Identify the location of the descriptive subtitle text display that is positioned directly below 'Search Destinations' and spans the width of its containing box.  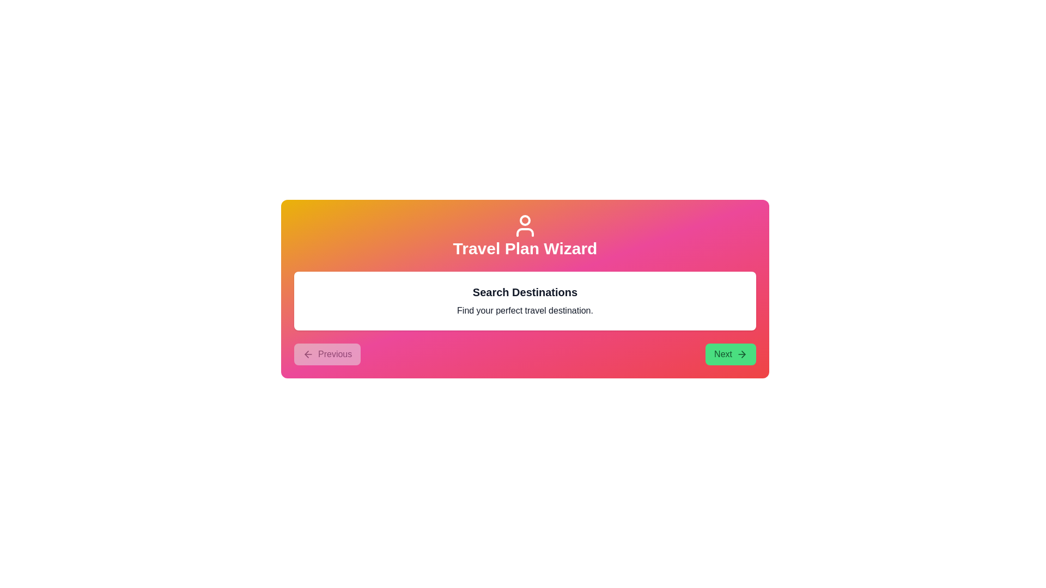
(525, 310).